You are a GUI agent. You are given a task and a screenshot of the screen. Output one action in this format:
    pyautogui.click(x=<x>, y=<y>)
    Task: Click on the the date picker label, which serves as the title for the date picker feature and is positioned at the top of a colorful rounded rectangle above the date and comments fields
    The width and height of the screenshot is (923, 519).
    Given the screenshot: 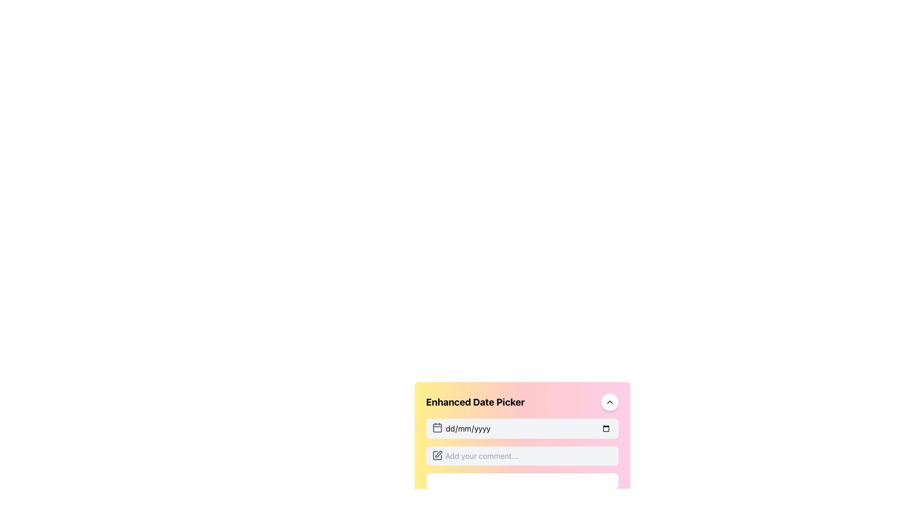 What is the action you would take?
    pyautogui.click(x=522, y=402)
    